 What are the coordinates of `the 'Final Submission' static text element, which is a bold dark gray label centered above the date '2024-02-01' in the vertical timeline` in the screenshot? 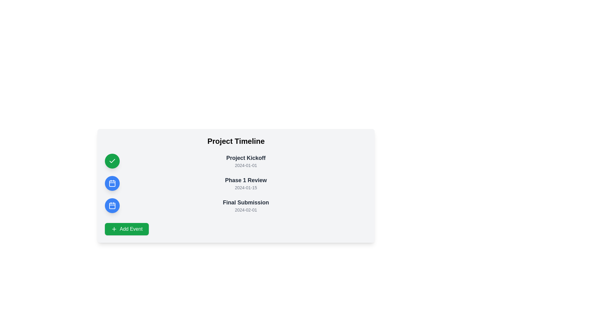 It's located at (246, 203).